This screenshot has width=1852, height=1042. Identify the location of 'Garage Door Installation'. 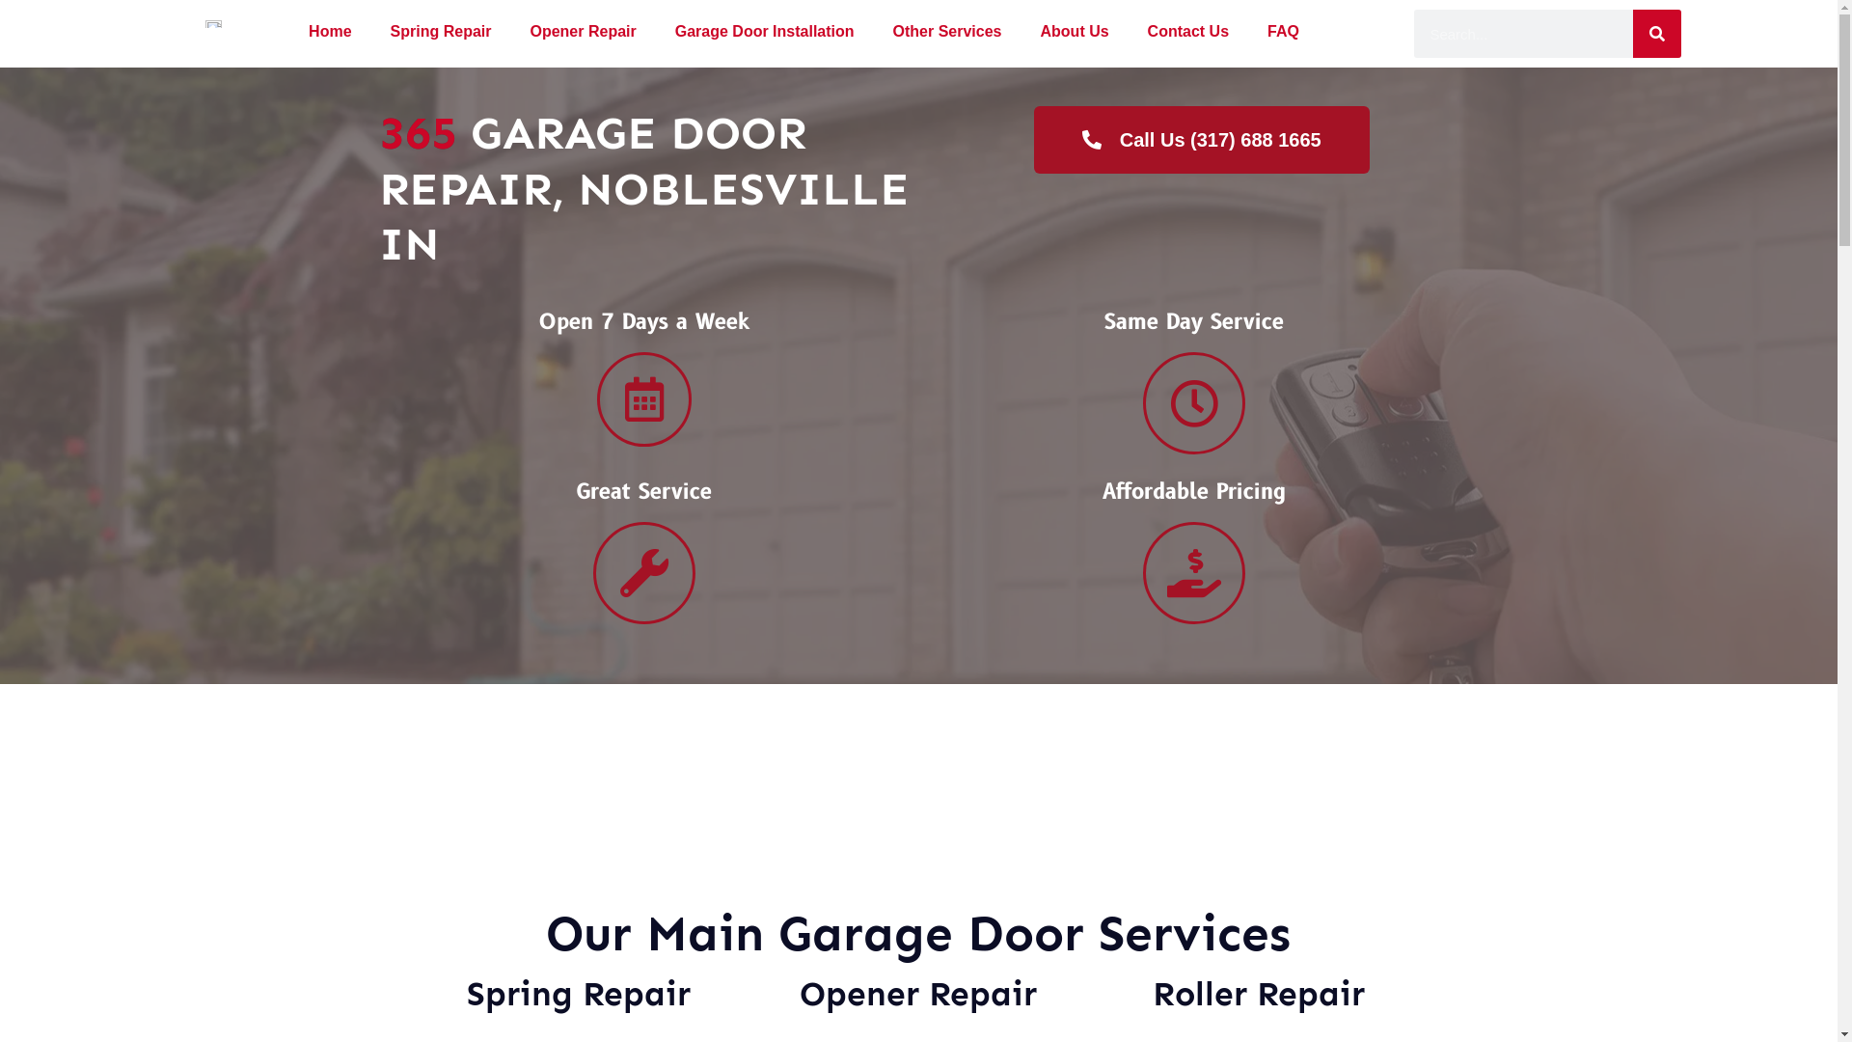
(656, 32).